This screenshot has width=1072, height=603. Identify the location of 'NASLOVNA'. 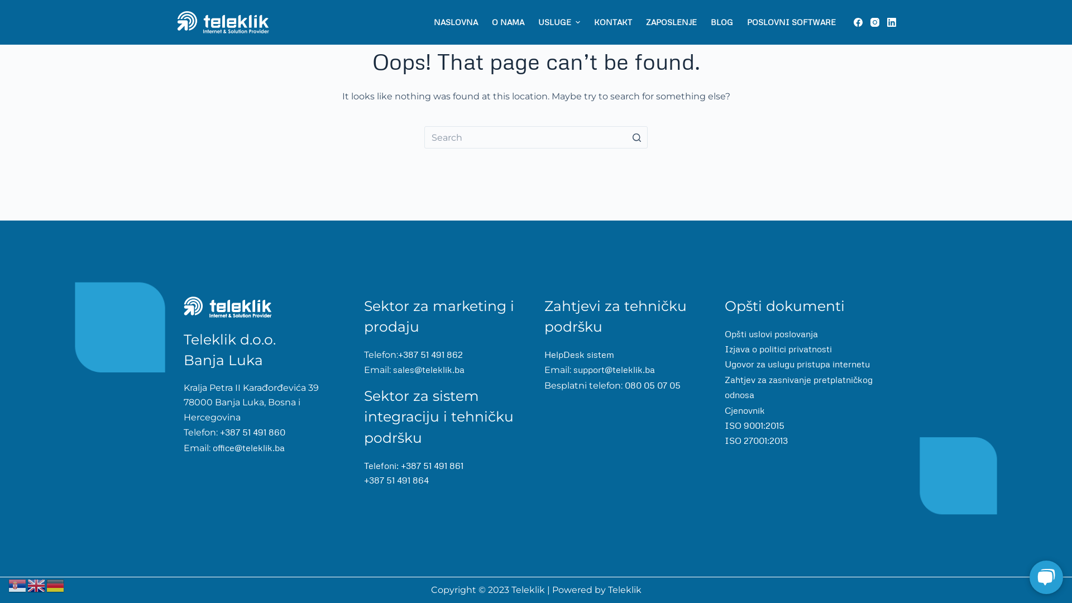
(456, 22).